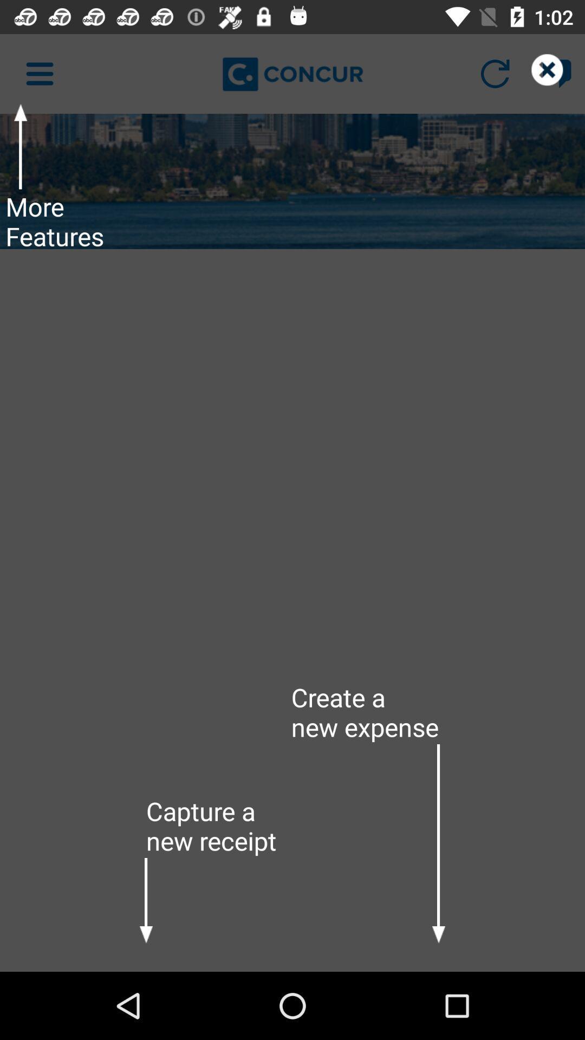 This screenshot has height=1040, width=585. I want to click on x which is on the top left corner, so click(557, 73).